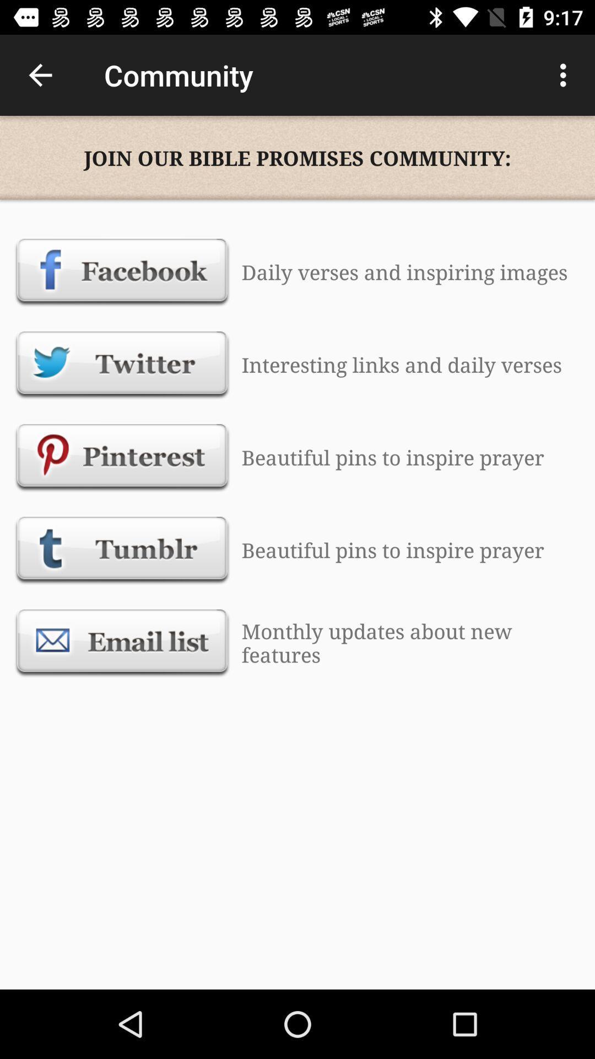  What do you see at coordinates (566, 75) in the screenshot?
I see `menu` at bounding box center [566, 75].